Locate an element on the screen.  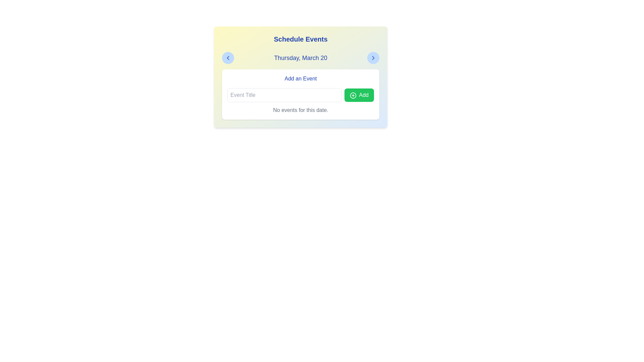
the navigation arrow located in the circular button at the top right corner of the central card to proceed is located at coordinates (373, 58).